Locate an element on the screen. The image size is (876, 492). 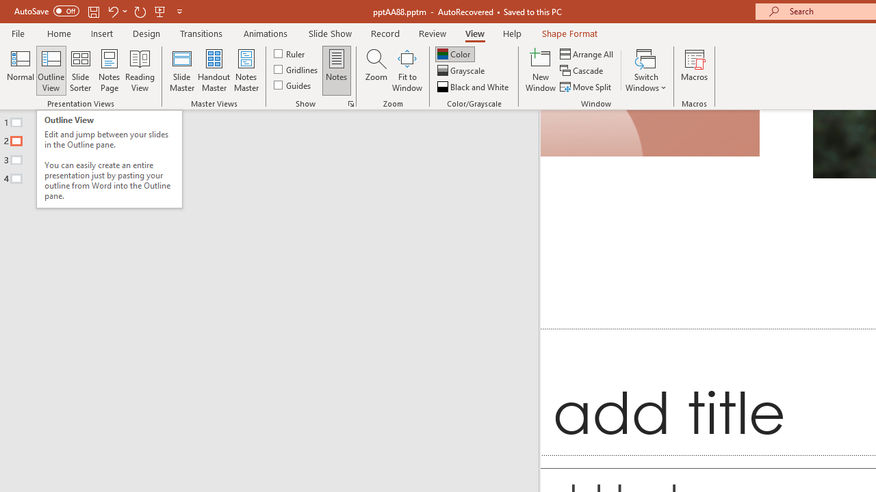
'Macros' is located at coordinates (695, 70).